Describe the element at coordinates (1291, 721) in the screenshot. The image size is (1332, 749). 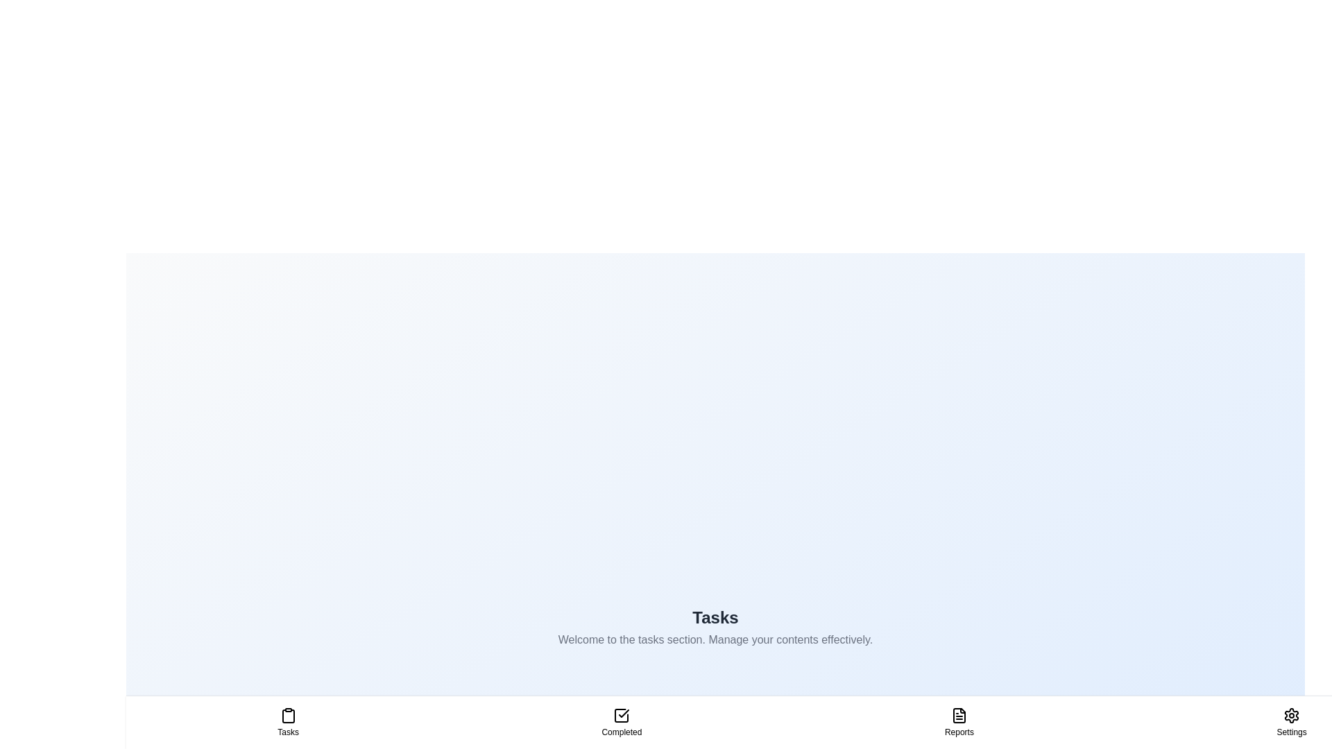
I see `the Settings tab to navigate to it` at that location.